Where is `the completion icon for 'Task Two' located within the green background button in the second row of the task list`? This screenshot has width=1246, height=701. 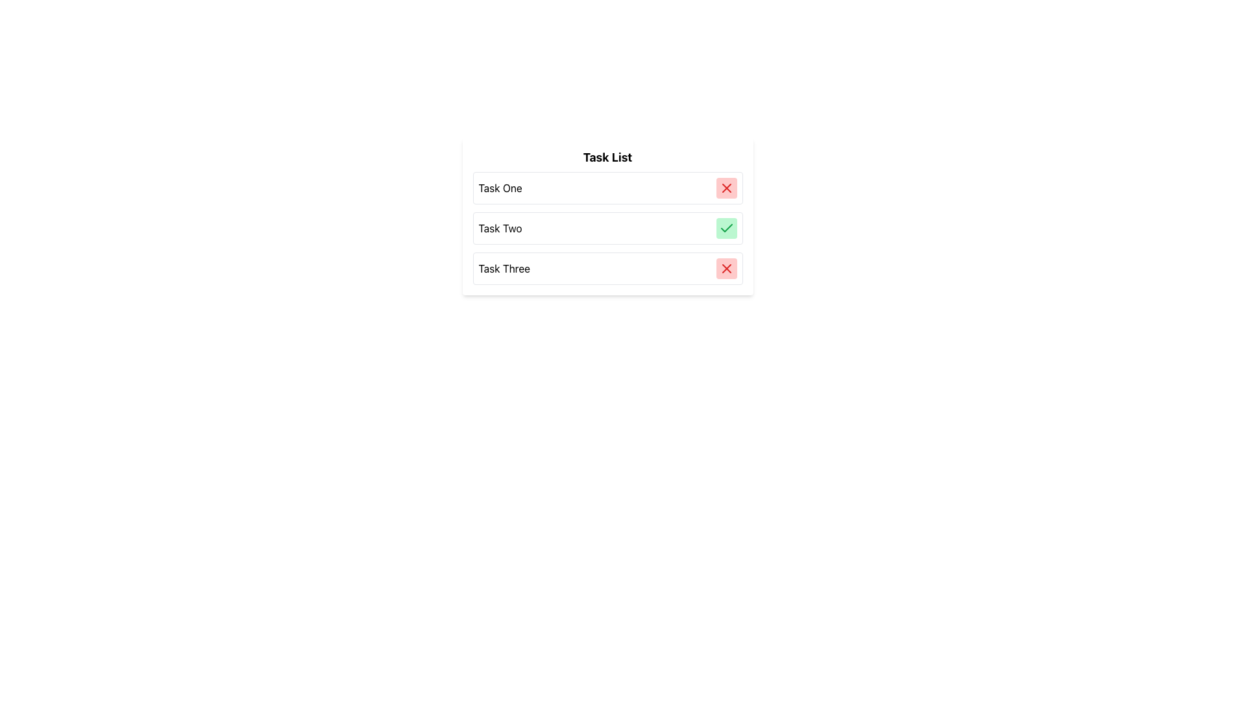
the completion icon for 'Task Two' located within the green background button in the second row of the task list is located at coordinates (726, 227).